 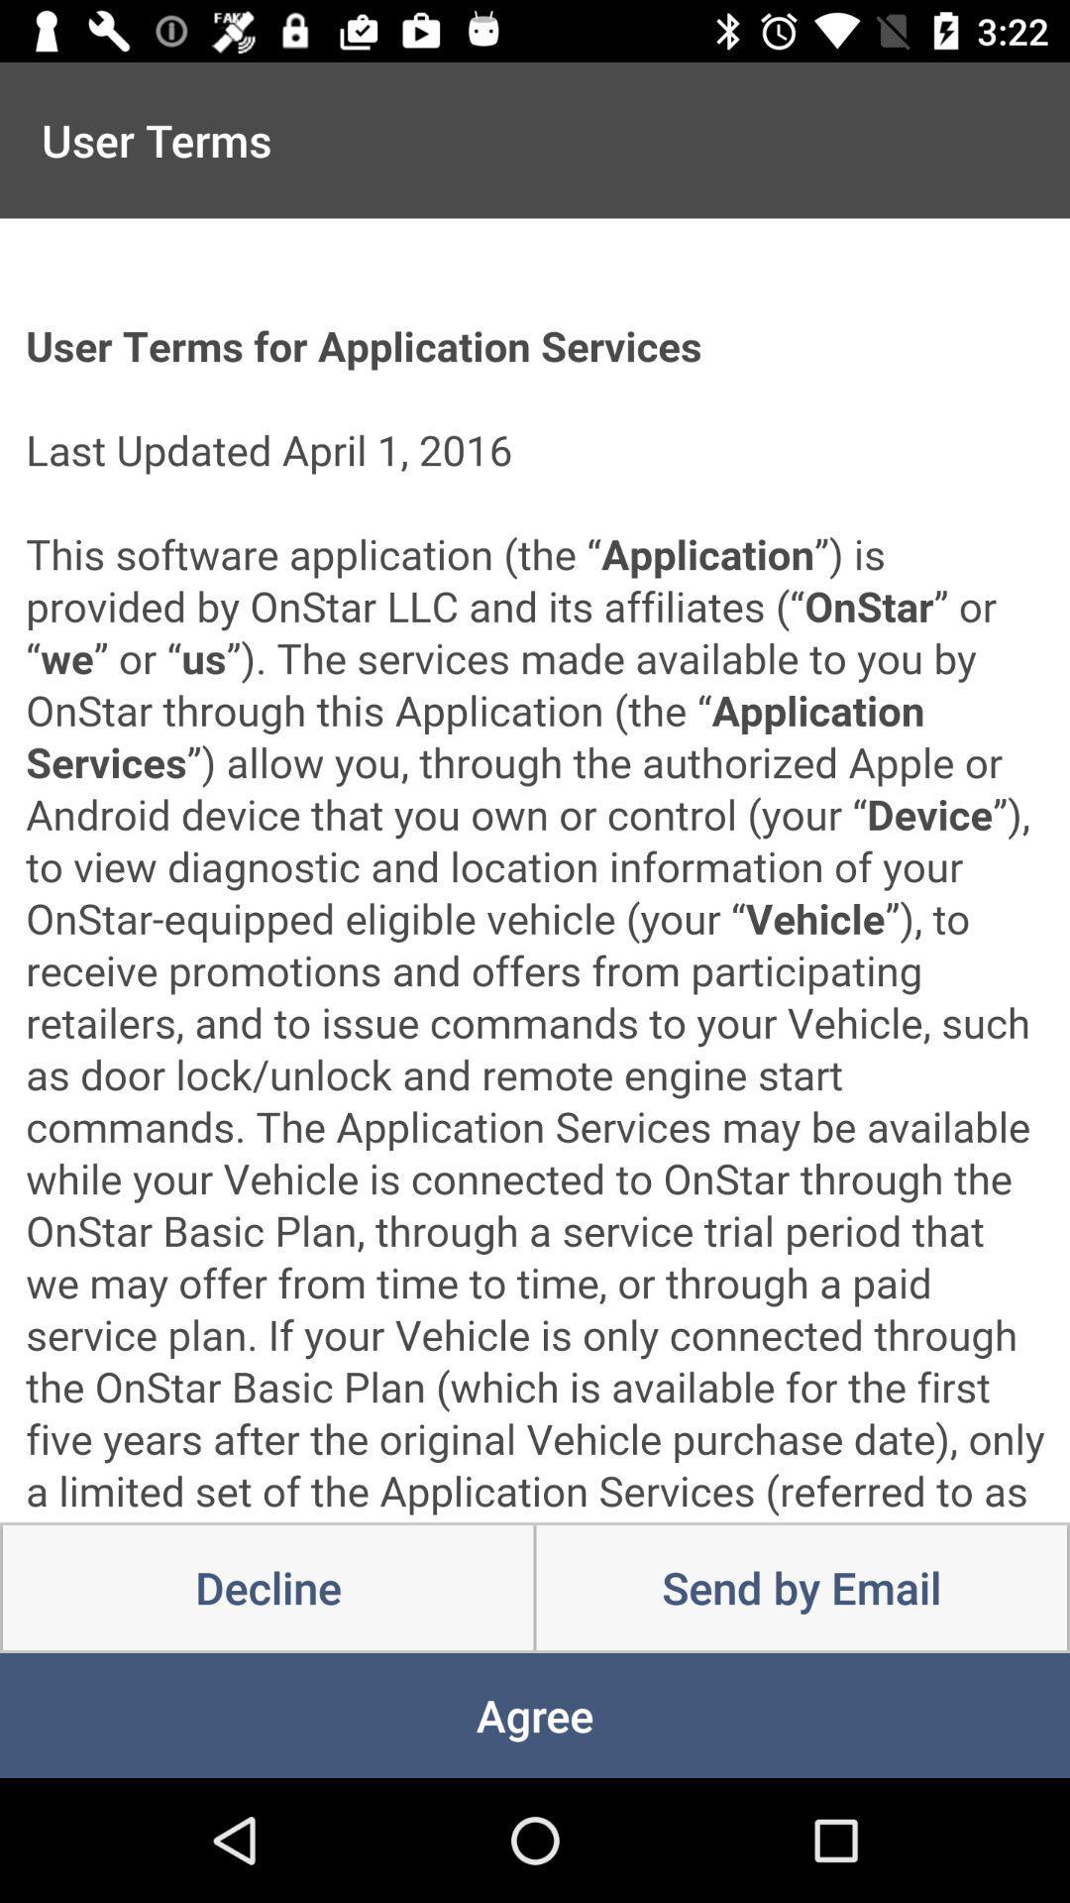 I want to click on send by email, so click(x=801, y=1588).